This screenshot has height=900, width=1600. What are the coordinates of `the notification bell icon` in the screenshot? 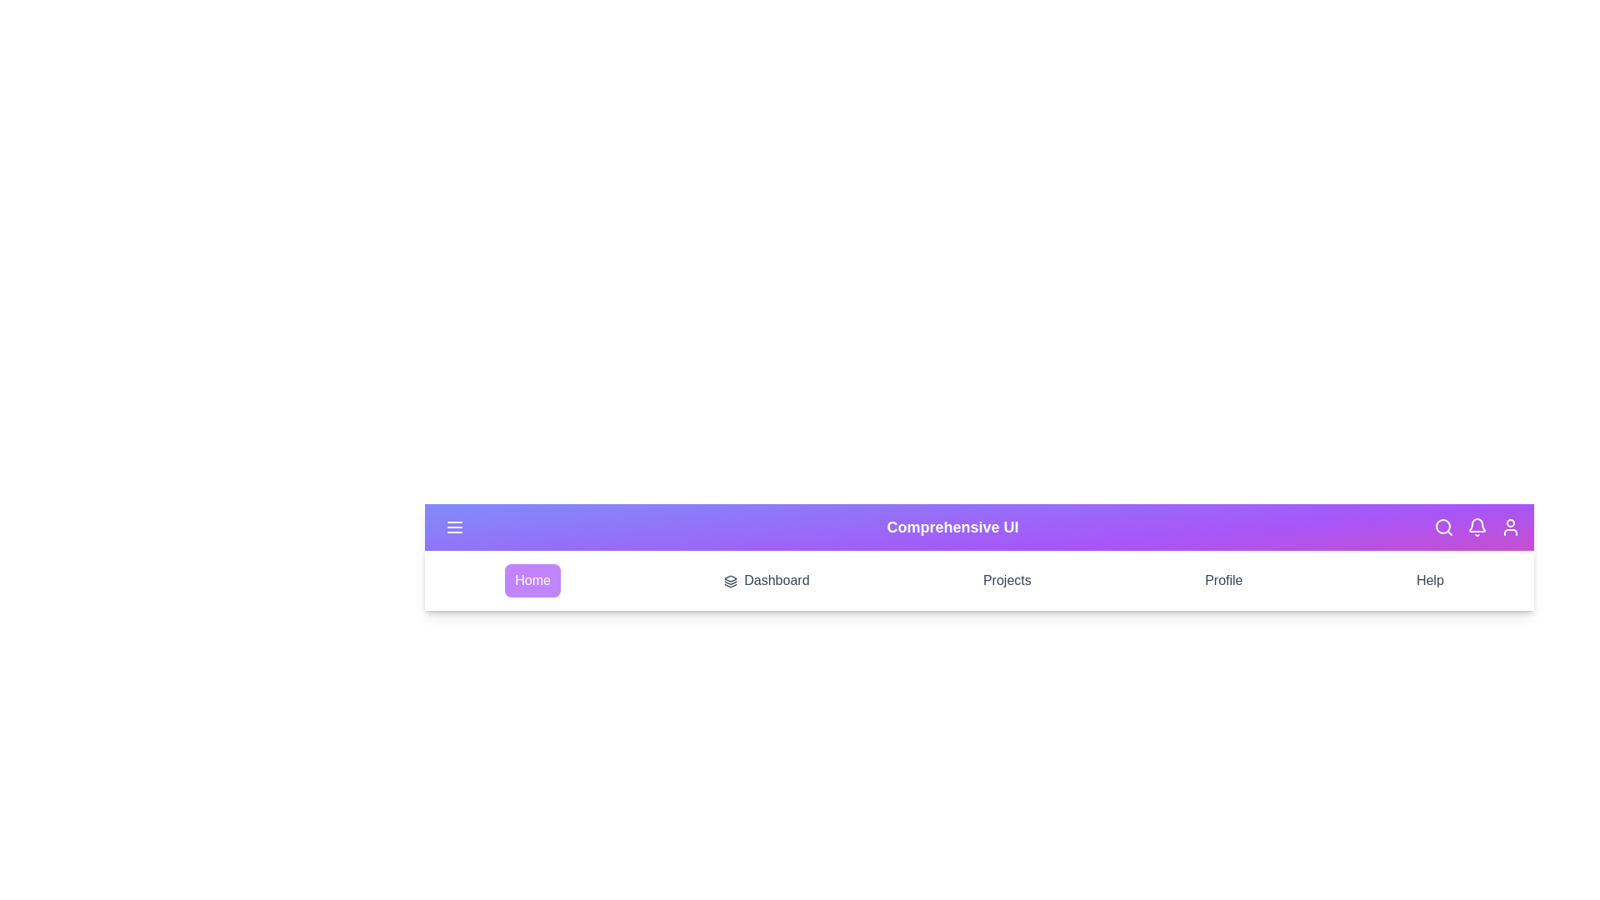 It's located at (1477, 527).